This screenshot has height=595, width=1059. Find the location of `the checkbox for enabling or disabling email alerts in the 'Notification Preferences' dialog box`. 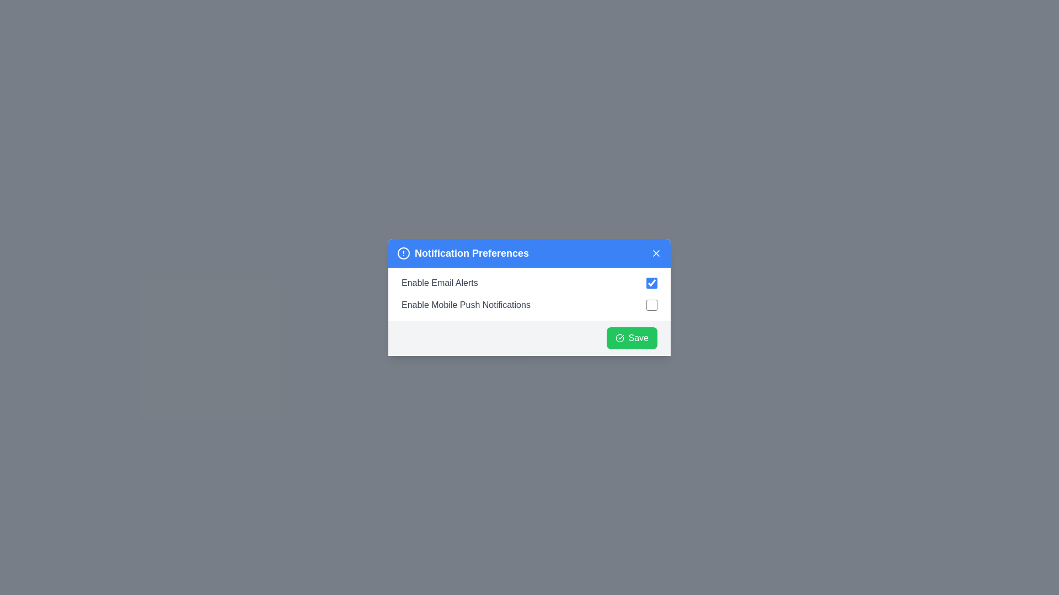

the checkbox for enabling or disabling email alerts in the 'Notification Preferences' dialog box is located at coordinates (529, 282).